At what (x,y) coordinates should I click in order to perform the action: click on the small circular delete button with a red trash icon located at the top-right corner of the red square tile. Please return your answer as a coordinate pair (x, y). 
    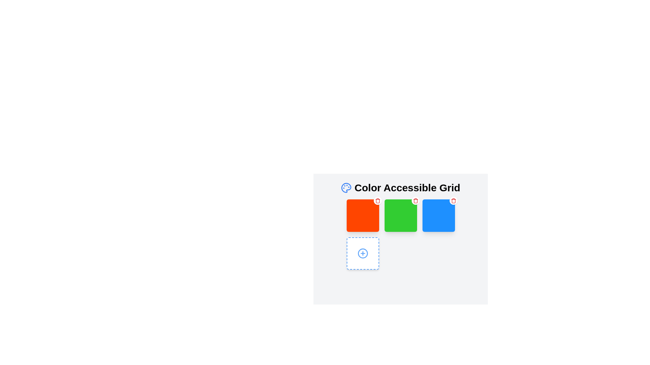
    Looking at the image, I should click on (377, 200).